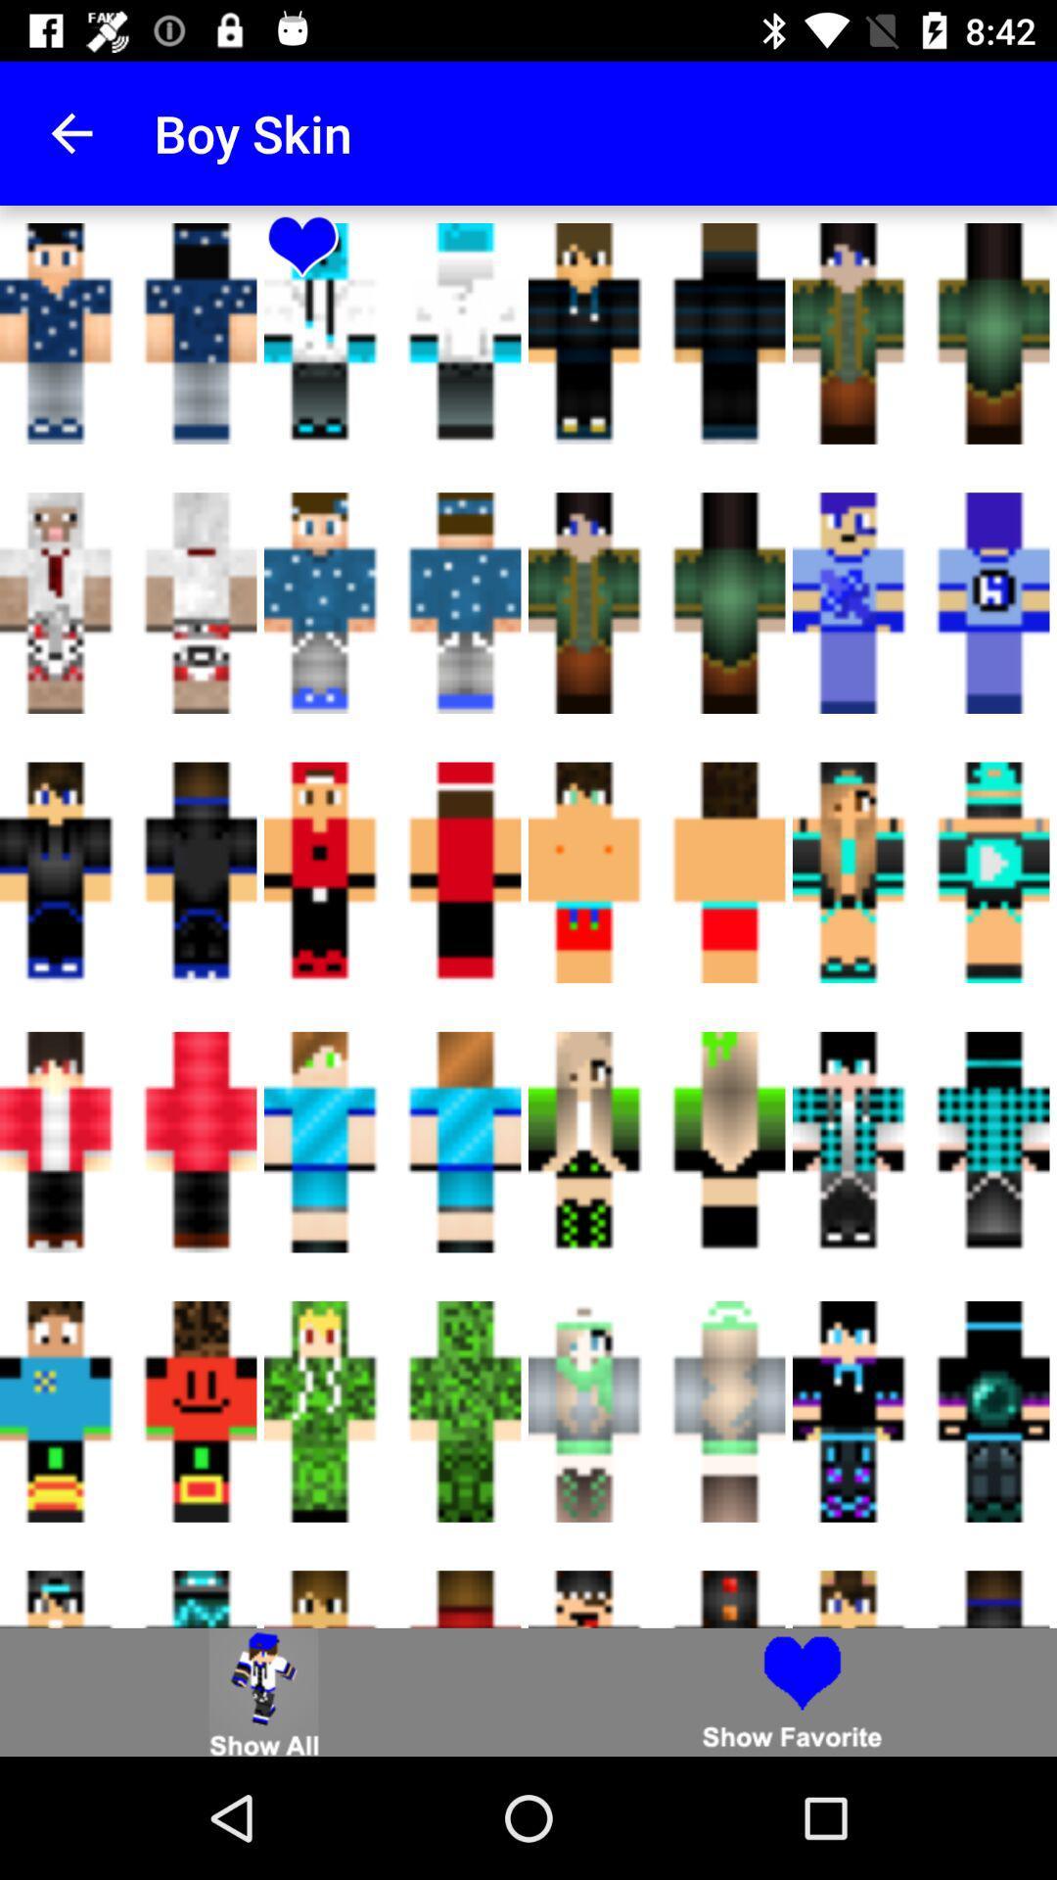 Image resolution: width=1057 pixels, height=1880 pixels. Describe the element at coordinates (793, 1691) in the screenshot. I see `show favorite` at that location.